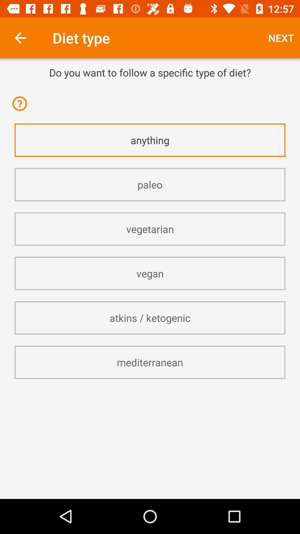  I want to click on the icon above vegetarian app, so click(150, 184).